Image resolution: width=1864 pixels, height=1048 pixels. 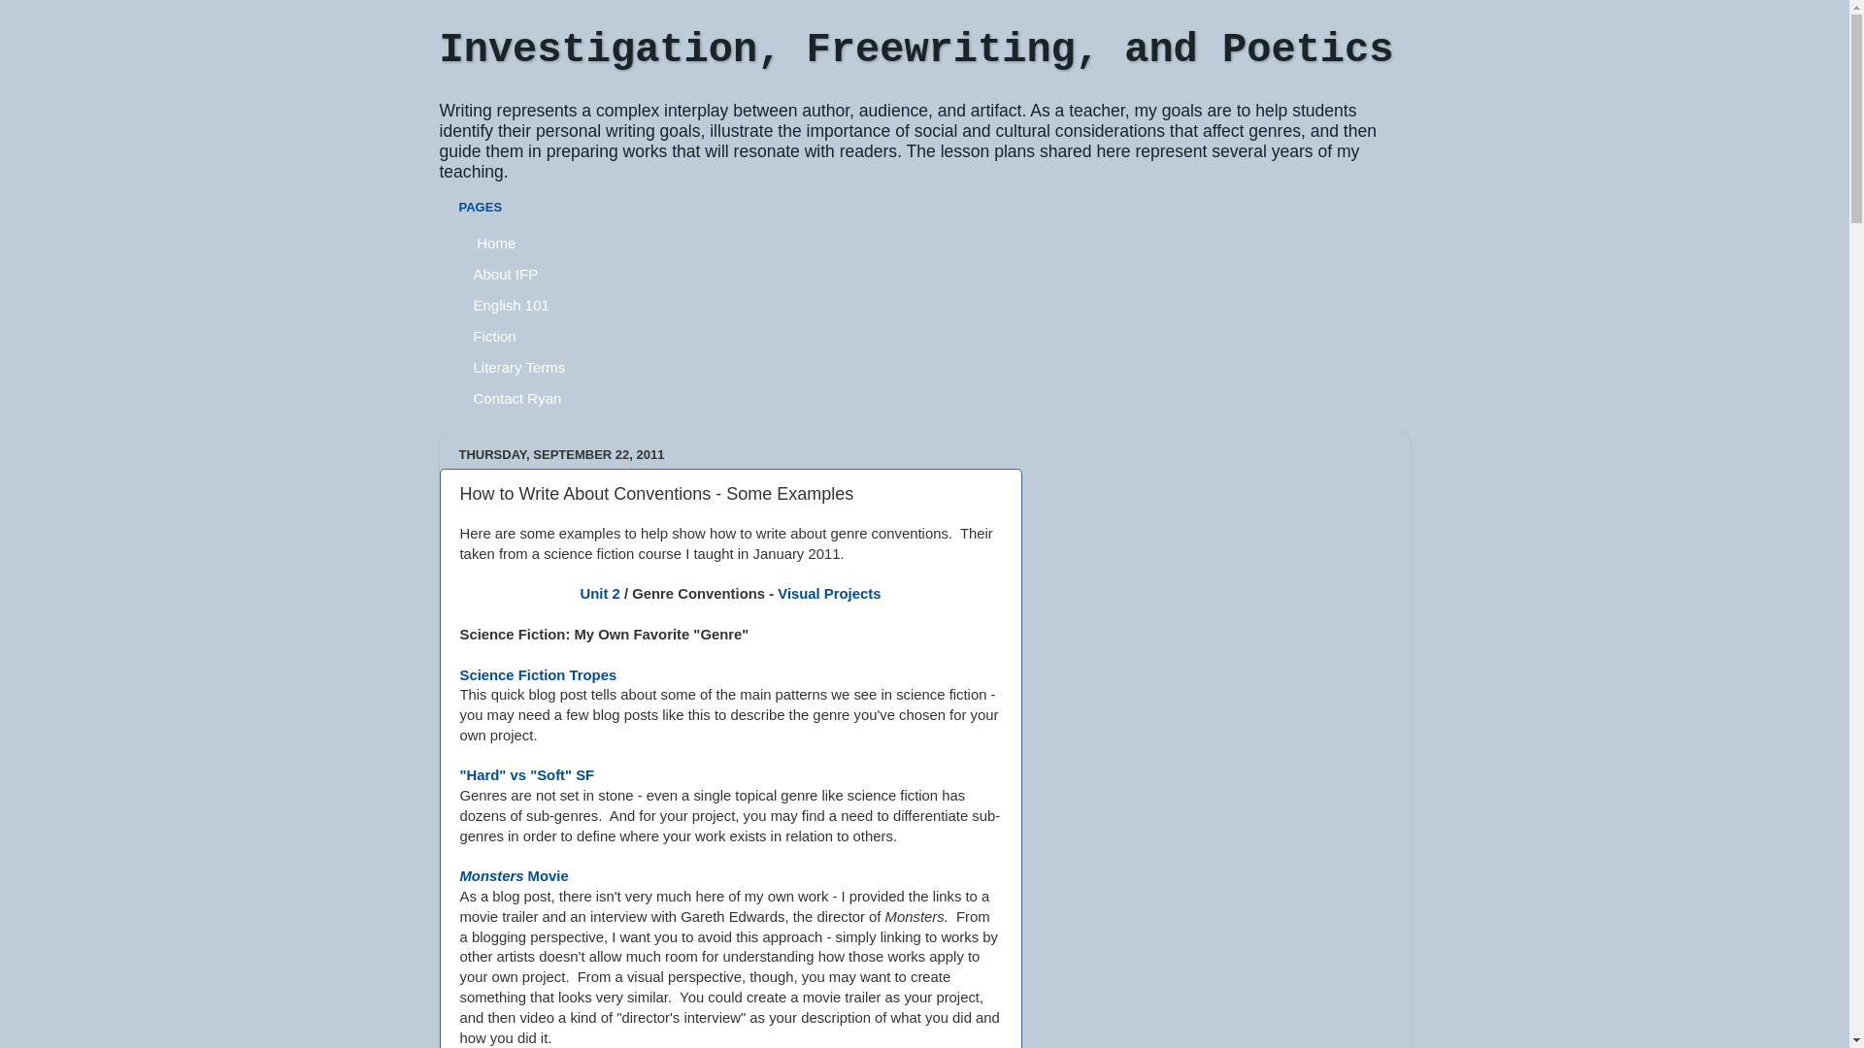 I want to click on 'Contact Ryan', so click(x=516, y=396).